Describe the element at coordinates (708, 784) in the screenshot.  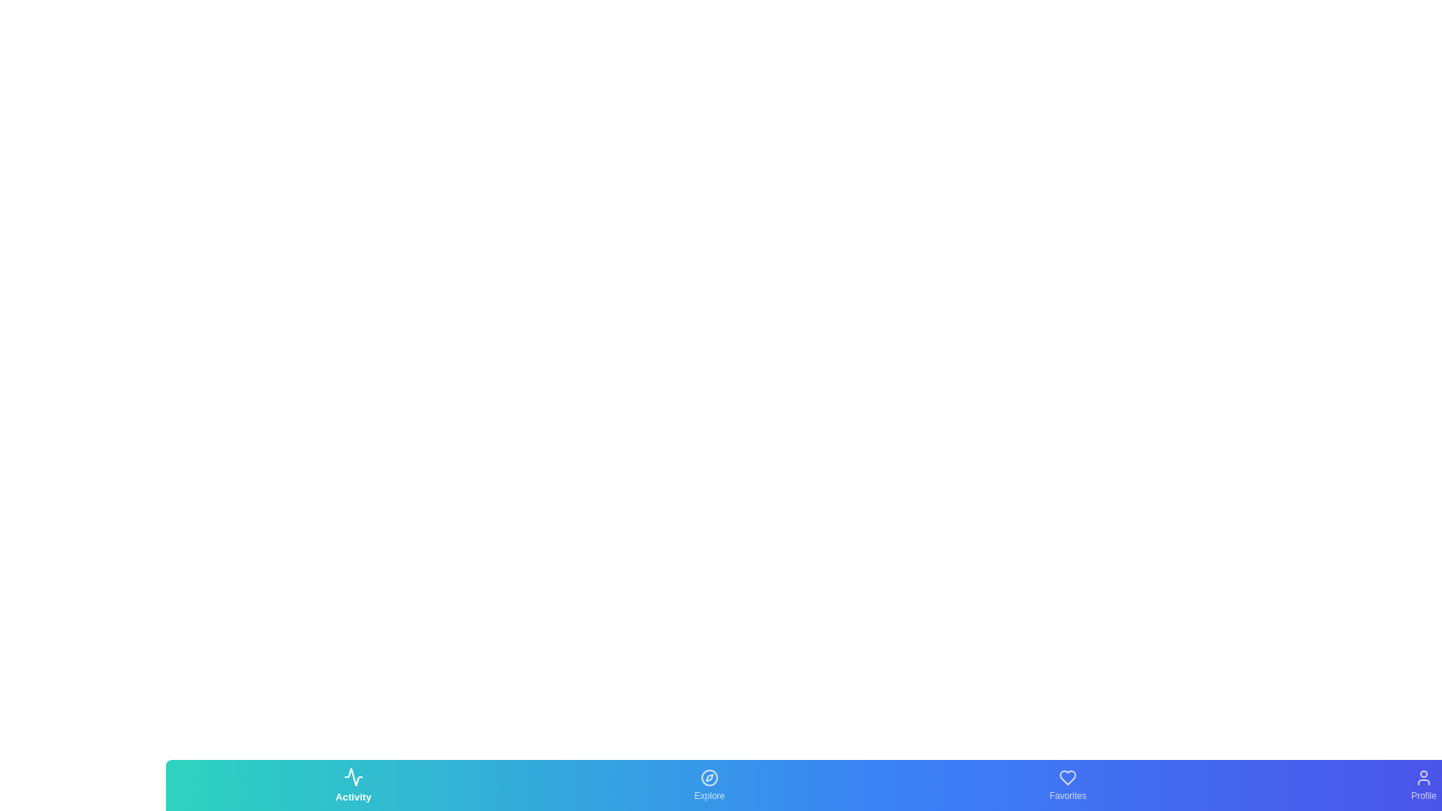
I see `the Explore tab by clicking on its corresponding button` at that location.